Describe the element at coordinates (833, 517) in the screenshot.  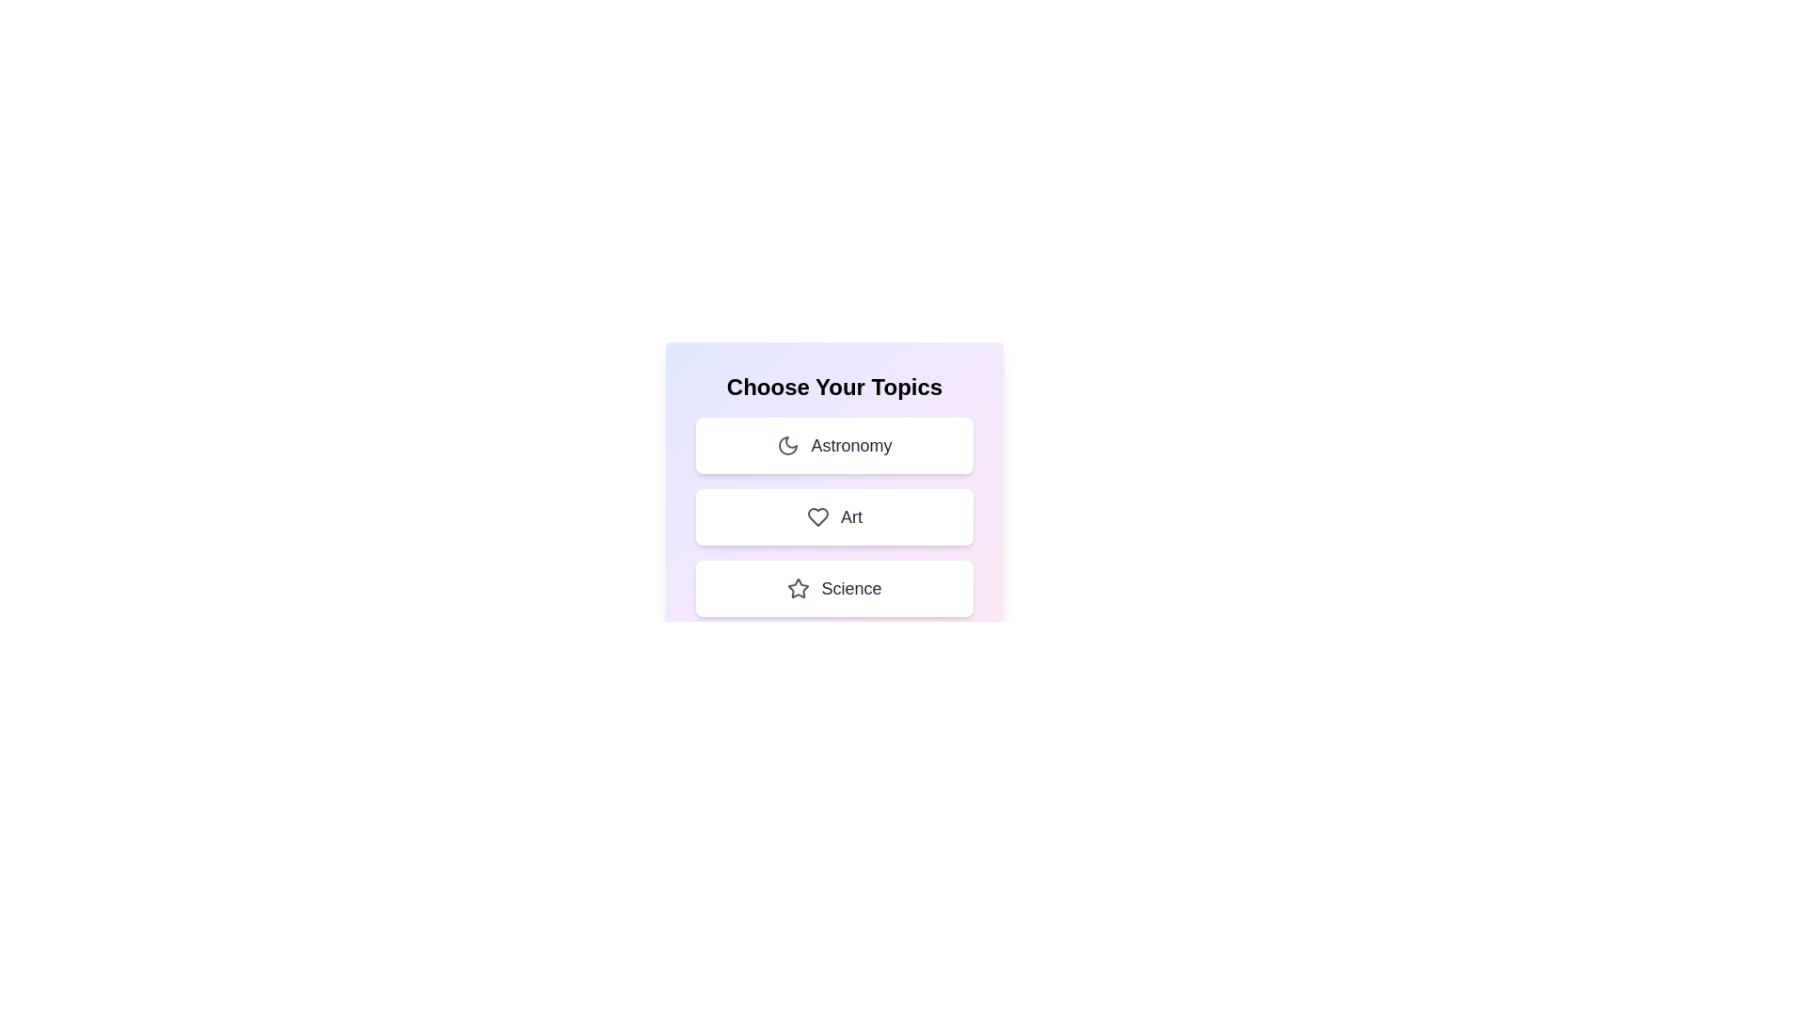
I see `the topic Art by clicking on its corresponding area` at that location.